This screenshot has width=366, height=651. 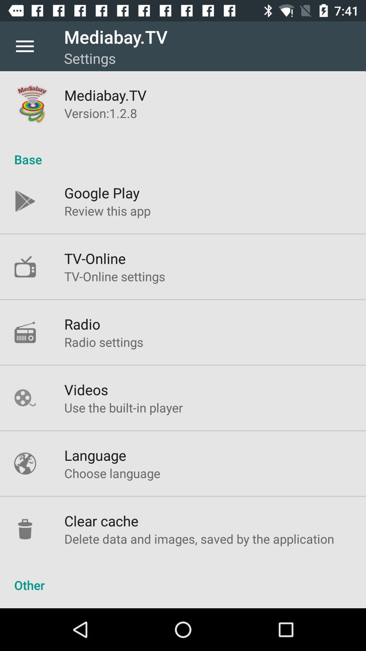 I want to click on item next to the mediabay.tv icon, so click(x=24, y=46).